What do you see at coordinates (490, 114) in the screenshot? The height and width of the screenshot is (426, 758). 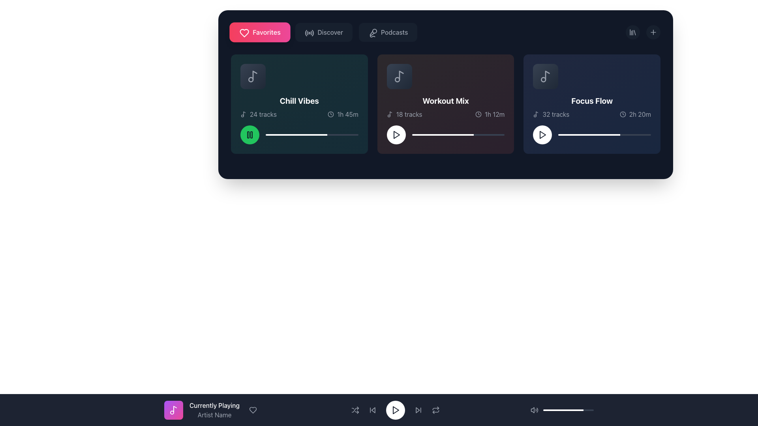 I see `the static informational component displaying the clock icon and text '1h 12m' in the bottom right section of the 'Workout Mix' playlist card` at bounding box center [490, 114].